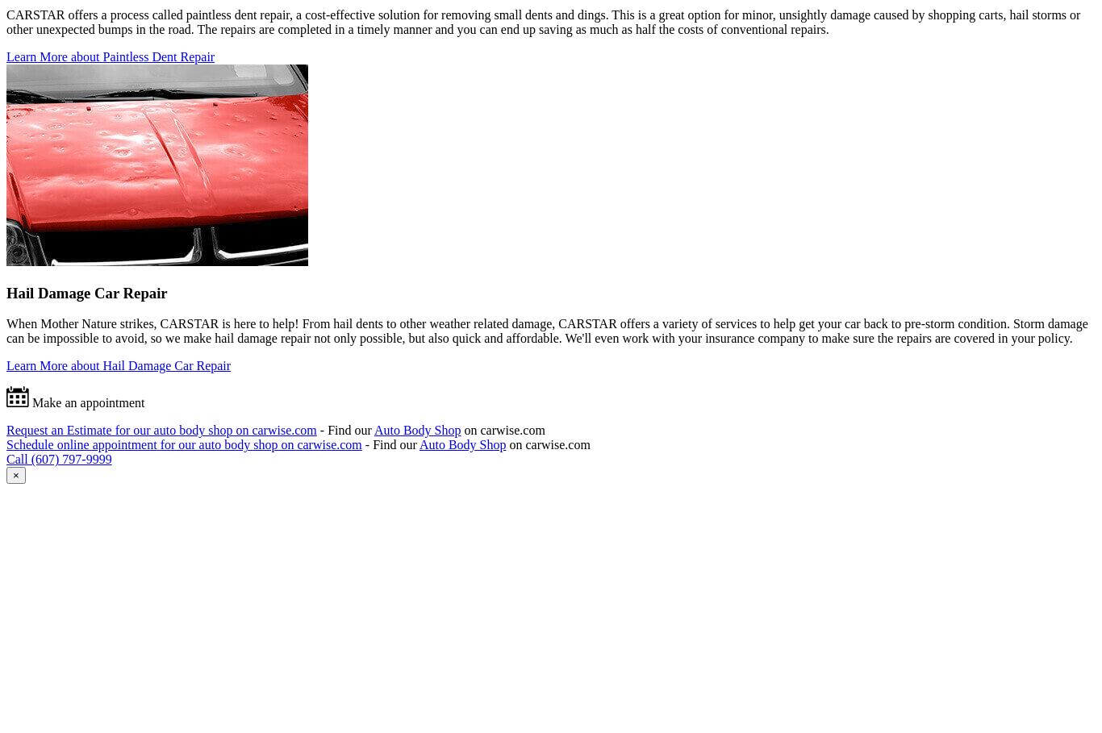  Describe the element at coordinates (182, 444) in the screenshot. I see `'Schedule online appointment for our auto body shop on carwise.com'` at that location.